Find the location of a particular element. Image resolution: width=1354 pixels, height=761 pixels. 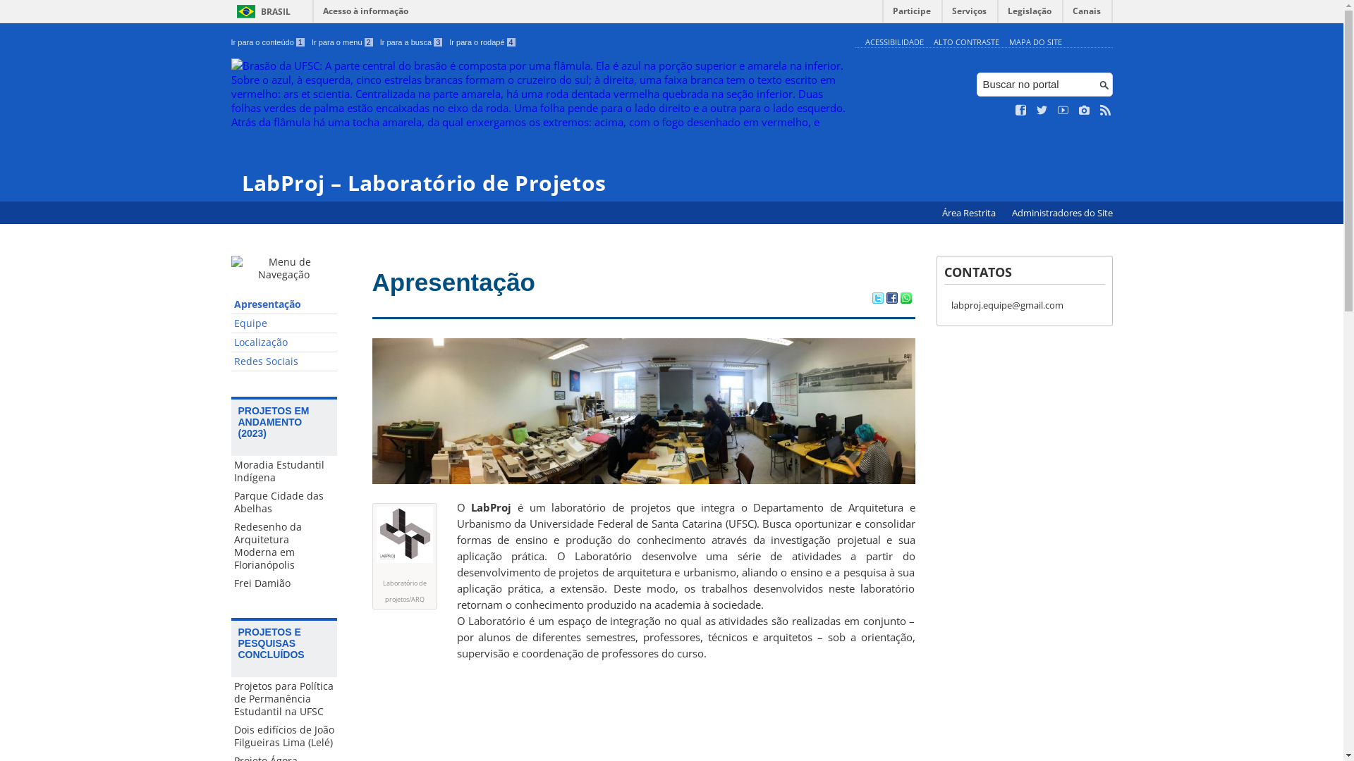

'Redes Sociais' is located at coordinates (231, 361).